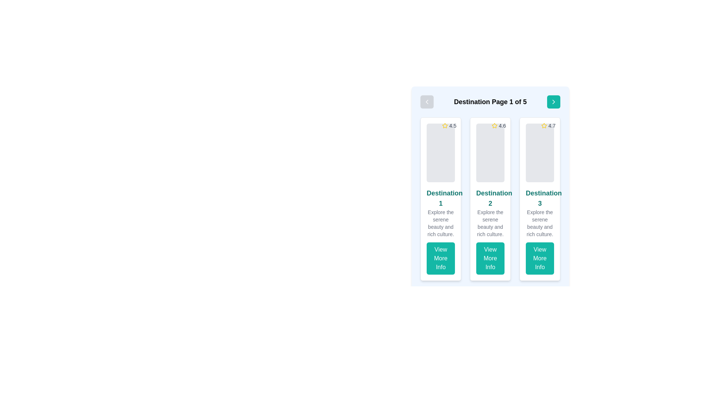  I want to click on the first card in the grid layout, which has a white background, rounded corners, a yellow star with a rating of 4.5, the text 'Destination 1' in teal bold font, and a teal button labeled 'View More Info', so click(441, 199).